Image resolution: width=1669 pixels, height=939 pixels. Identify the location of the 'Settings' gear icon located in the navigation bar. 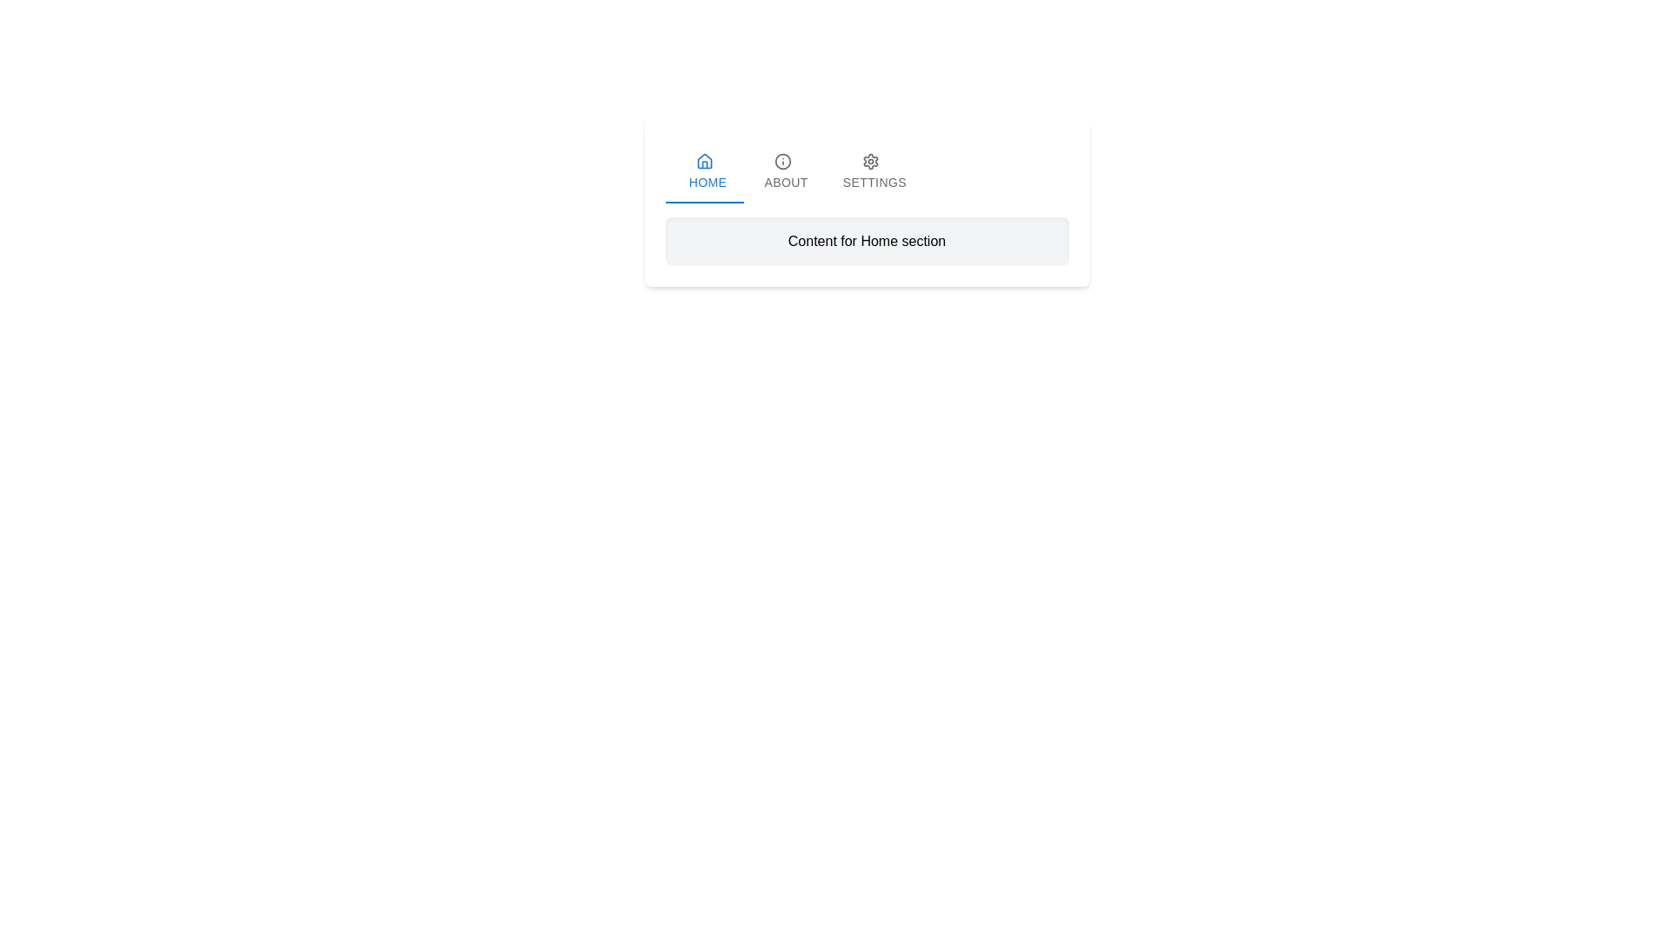
(871, 162).